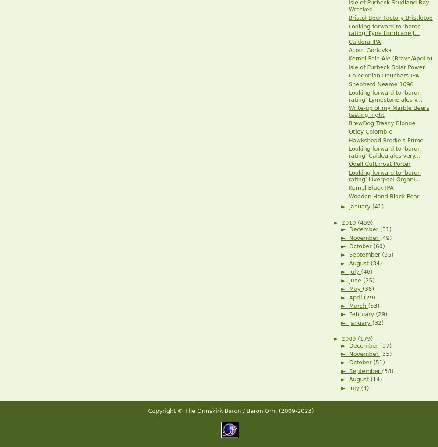 This screenshot has height=447, width=438. What do you see at coordinates (385, 151) in the screenshot?
I see `'Looking forward to 'baron rating' Caldea ales very...'` at bounding box center [385, 151].